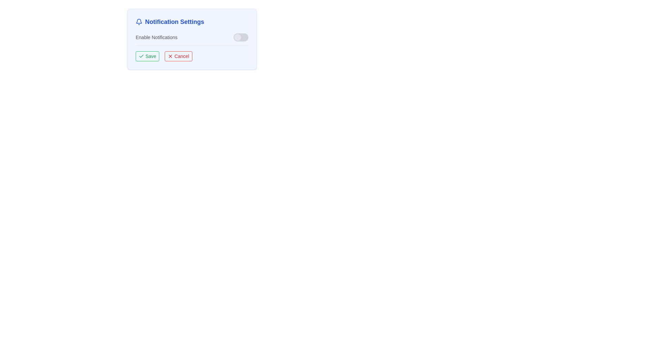  Describe the element at coordinates (182, 56) in the screenshot. I see `the cancel button located to the right of the green 'Save' button in the 'Notification Settings' card` at that location.